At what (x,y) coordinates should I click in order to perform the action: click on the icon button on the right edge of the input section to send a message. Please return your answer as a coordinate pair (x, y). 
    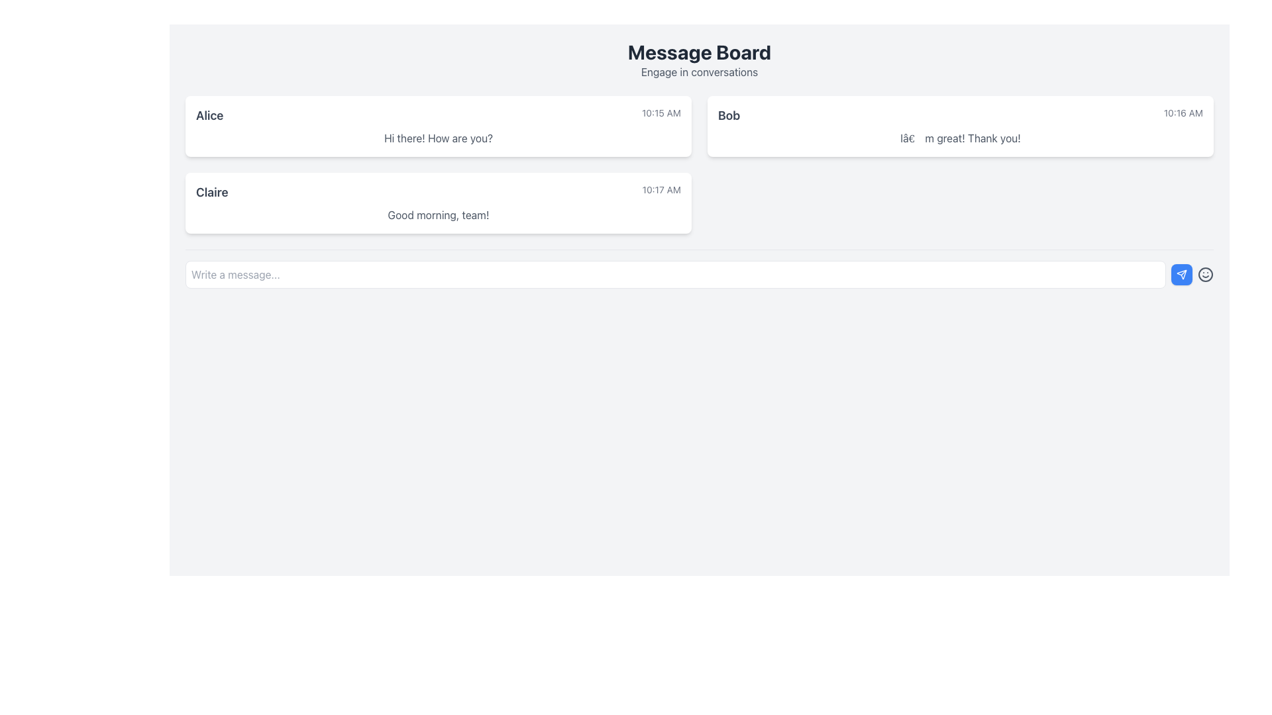
    Looking at the image, I should click on (1182, 274).